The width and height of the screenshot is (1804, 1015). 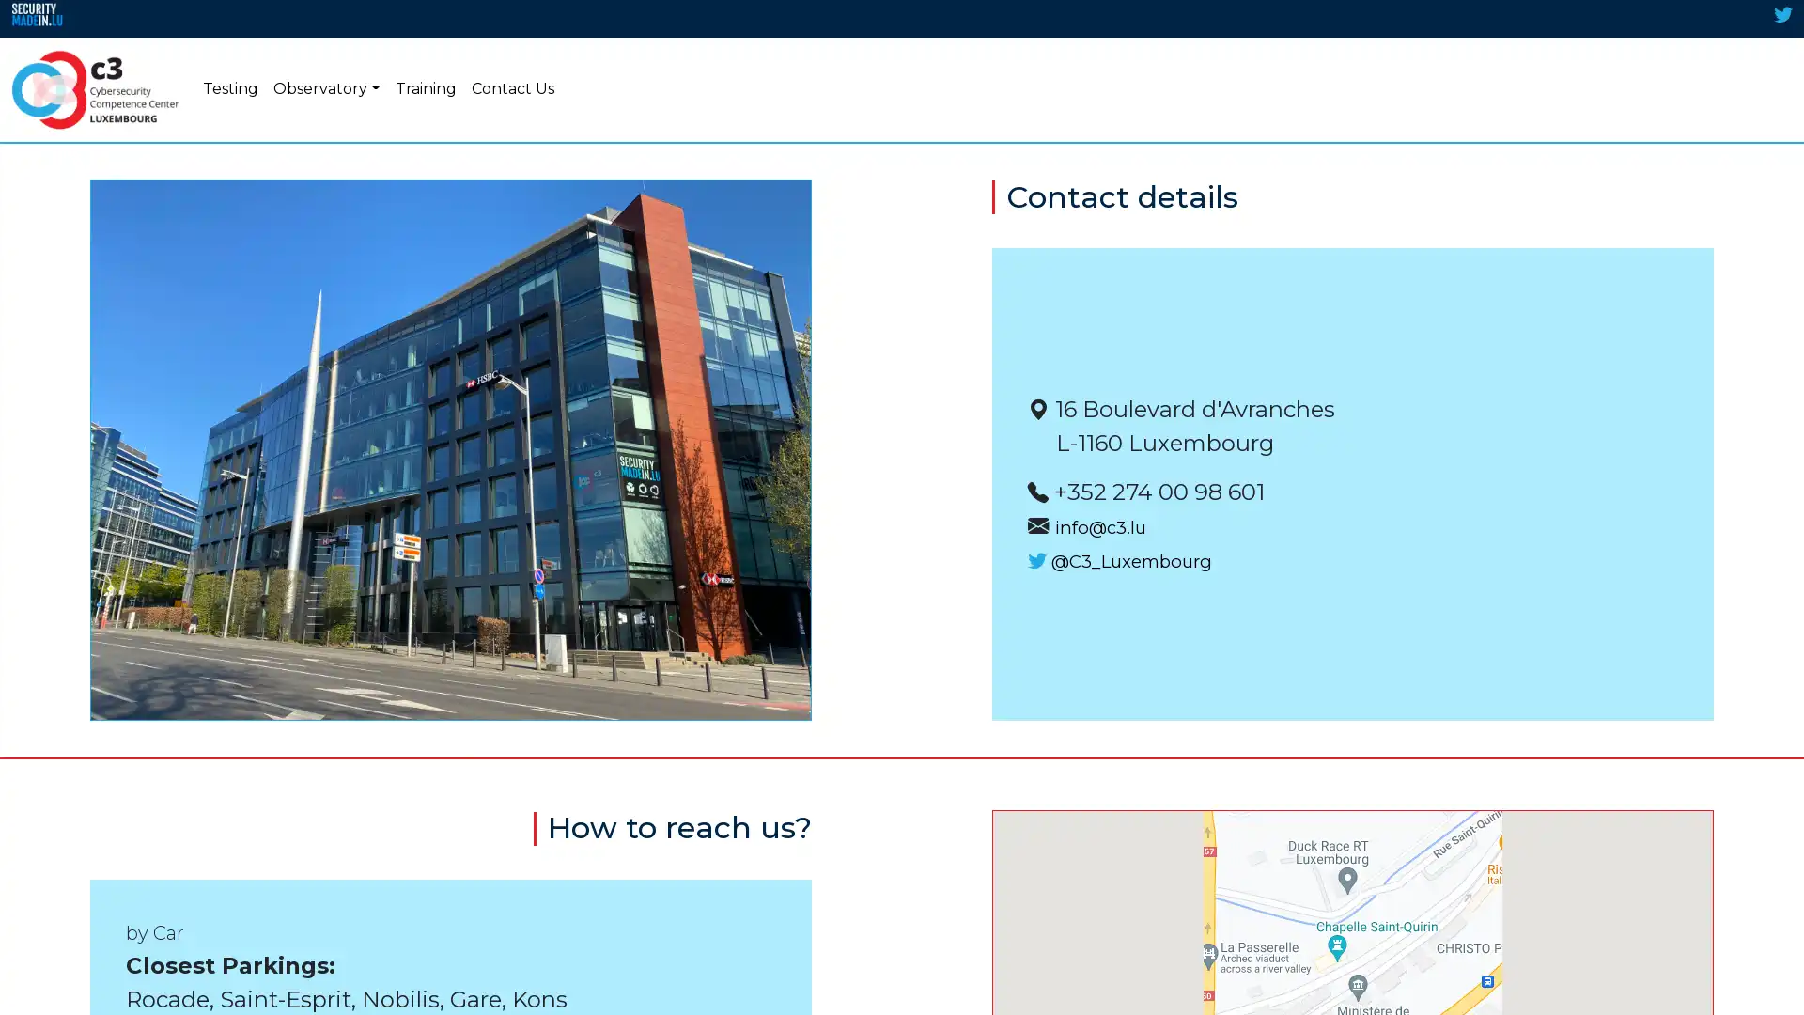 I want to click on Observatory, so click(x=326, y=89).